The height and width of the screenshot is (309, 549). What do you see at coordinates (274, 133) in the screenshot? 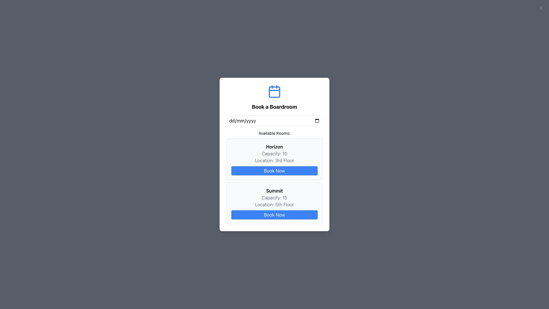
I see `the Text Label that indicates the section for available rooms for booking, positioned just below the date input field and centrally aligned` at bounding box center [274, 133].